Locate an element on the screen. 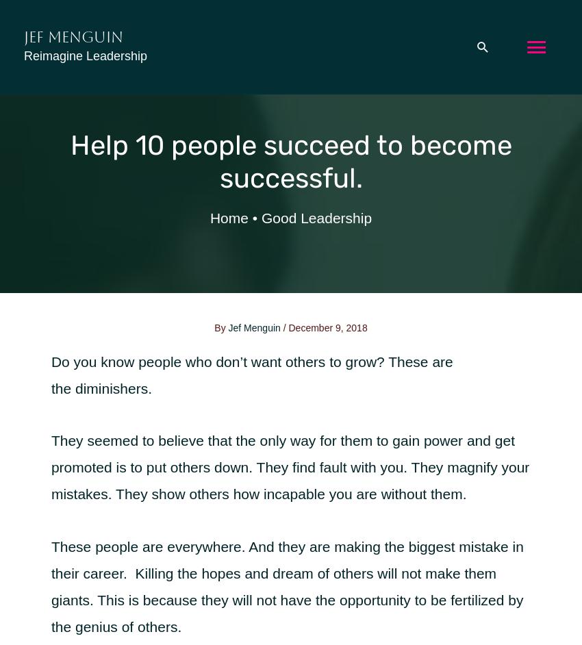 The height and width of the screenshot is (645, 582). 'These people are everywhere. And they are making the biggest mistake in their career.  Killing the hopes and dream of others will not make them giants. This is because they will not have the opportunity to be fertilized by the genius of others.' is located at coordinates (286, 587).